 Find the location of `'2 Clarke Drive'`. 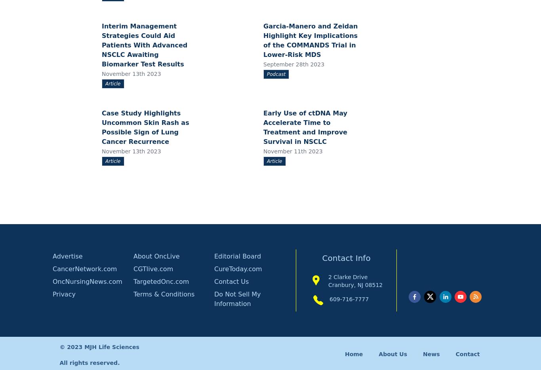

'2 Clarke Drive' is located at coordinates (327, 277).